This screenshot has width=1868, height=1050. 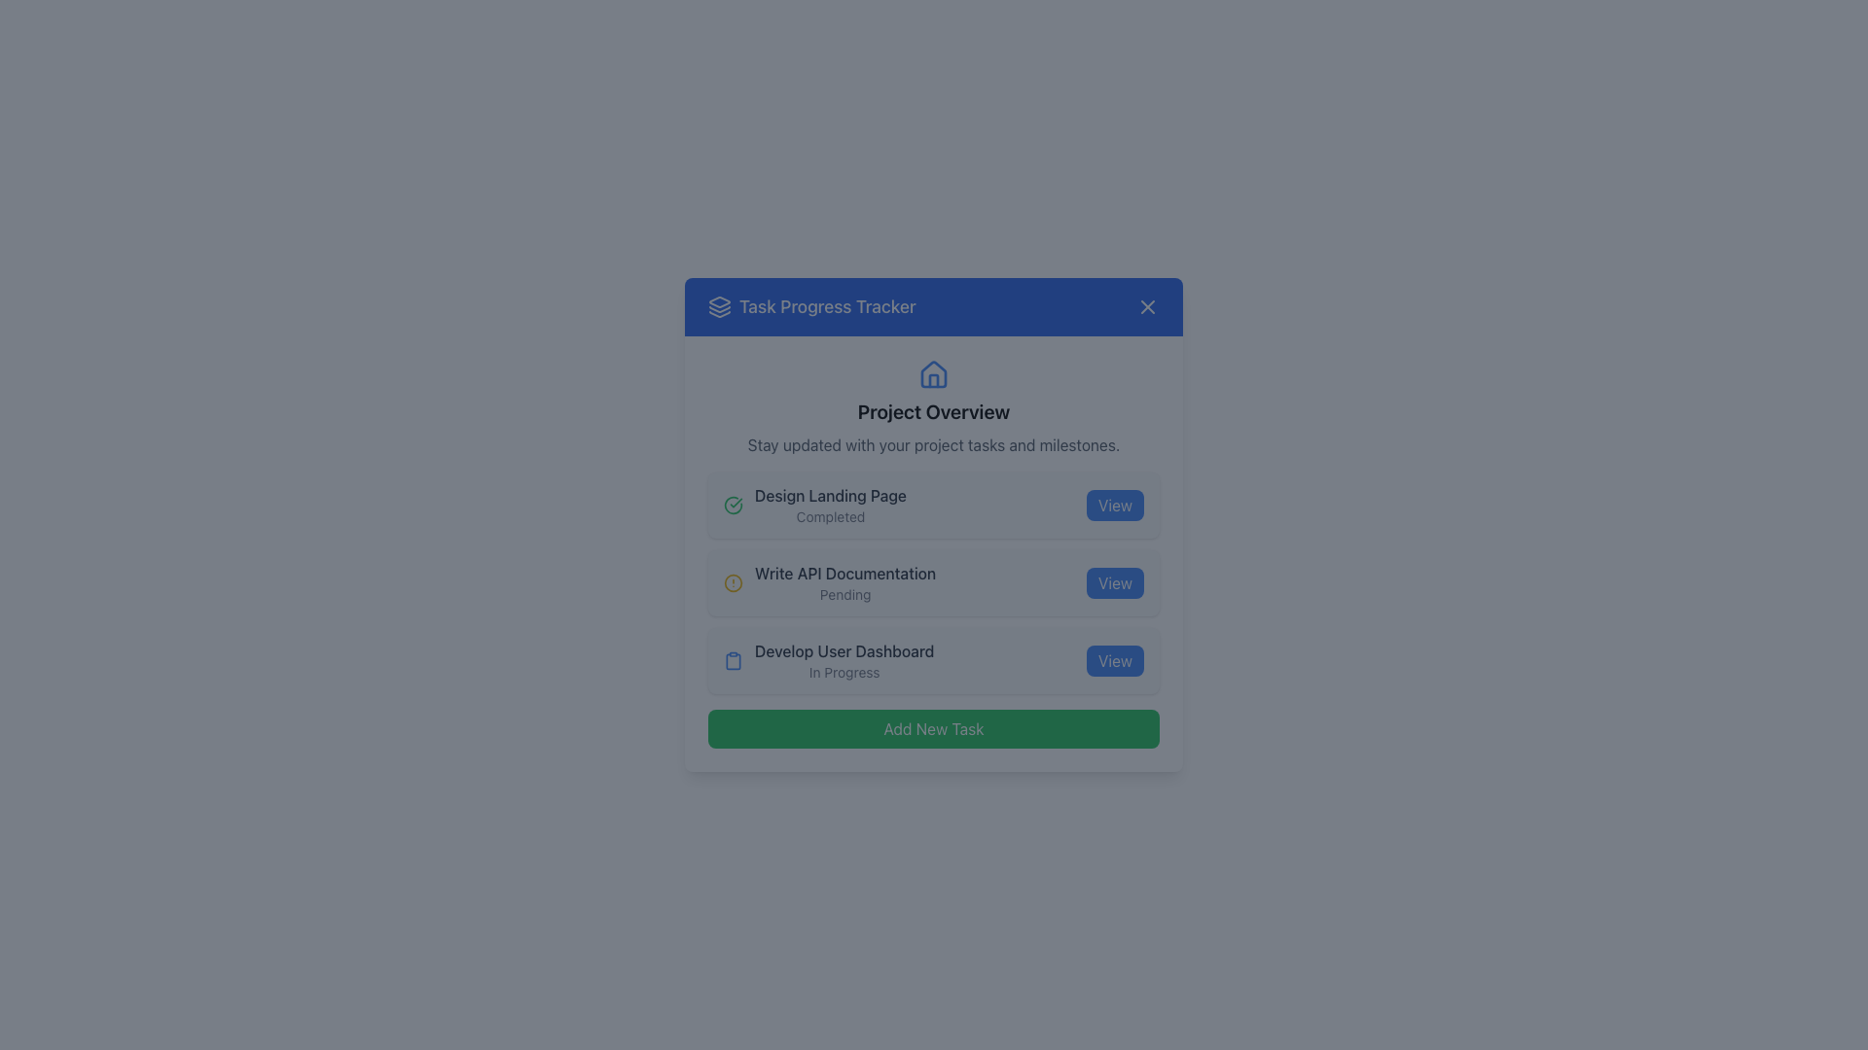 What do you see at coordinates (718, 306) in the screenshot?
I see `the decorative SVG icon styled as a stack of three overlapping layers, which is positioned in the modal box's header section to the left of the text 'Task Progress Tracker'` at bounding box center [718, 306].